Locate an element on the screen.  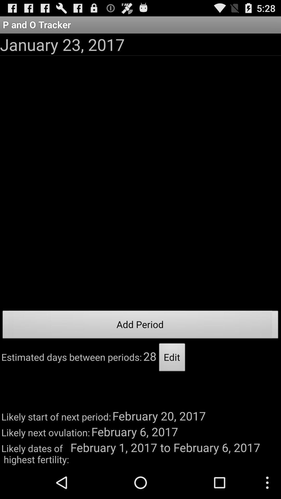
icon at the center is located at coordinates (140, 326).